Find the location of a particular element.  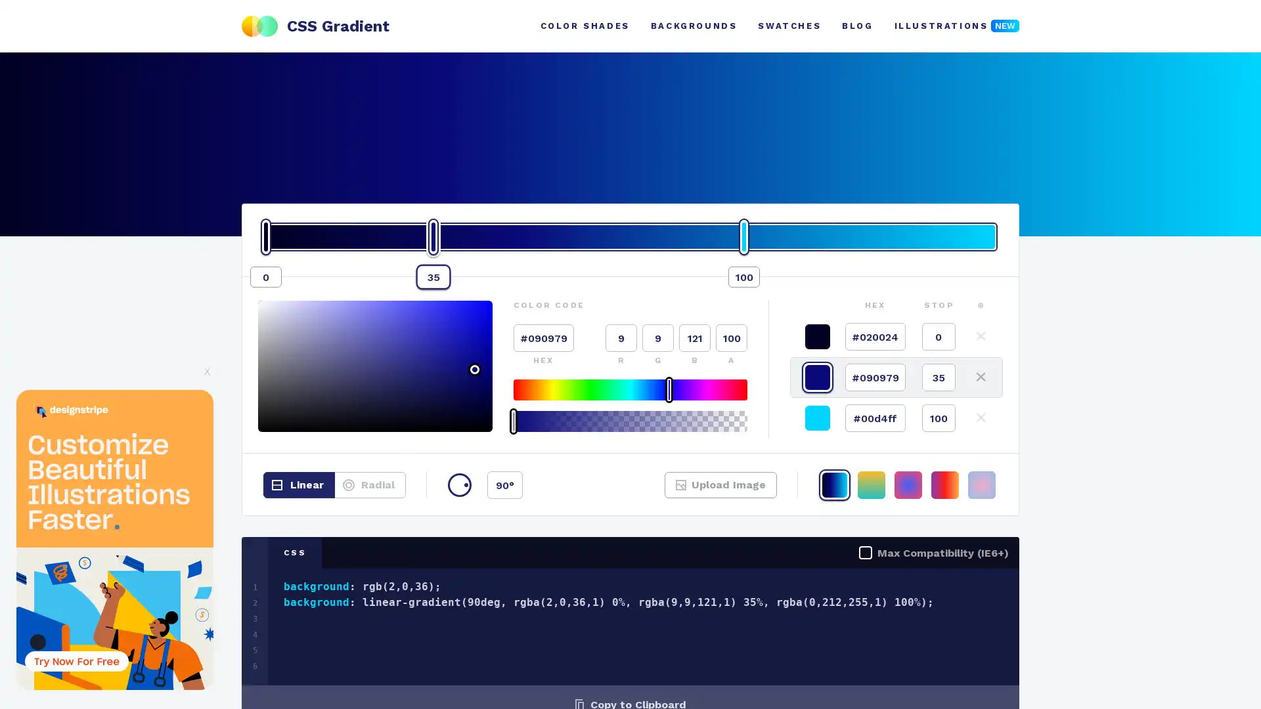

Choose File is located at coordinates (699, 492).